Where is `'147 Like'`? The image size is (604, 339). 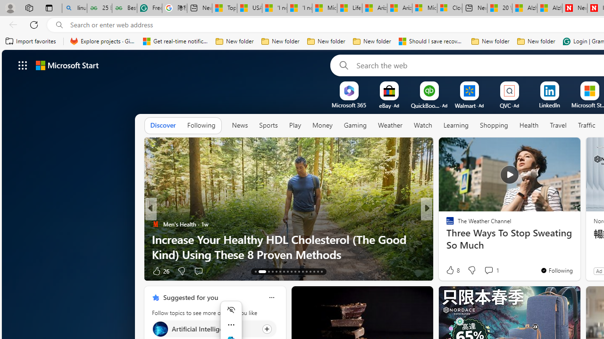
'147 Like' is located at coordinates (452, 271).